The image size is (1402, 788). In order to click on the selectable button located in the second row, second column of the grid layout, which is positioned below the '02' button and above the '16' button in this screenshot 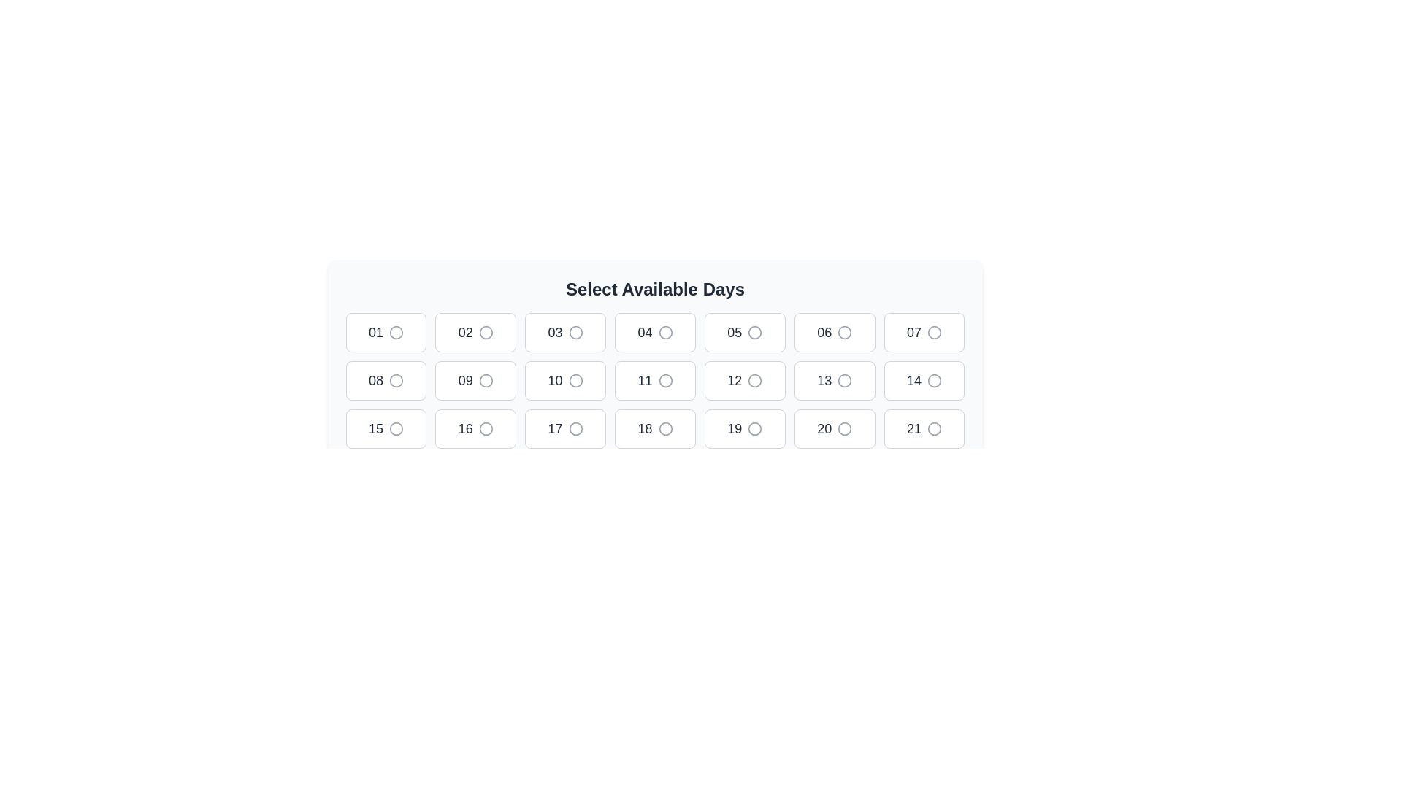, I will do `click(475, 379)`.